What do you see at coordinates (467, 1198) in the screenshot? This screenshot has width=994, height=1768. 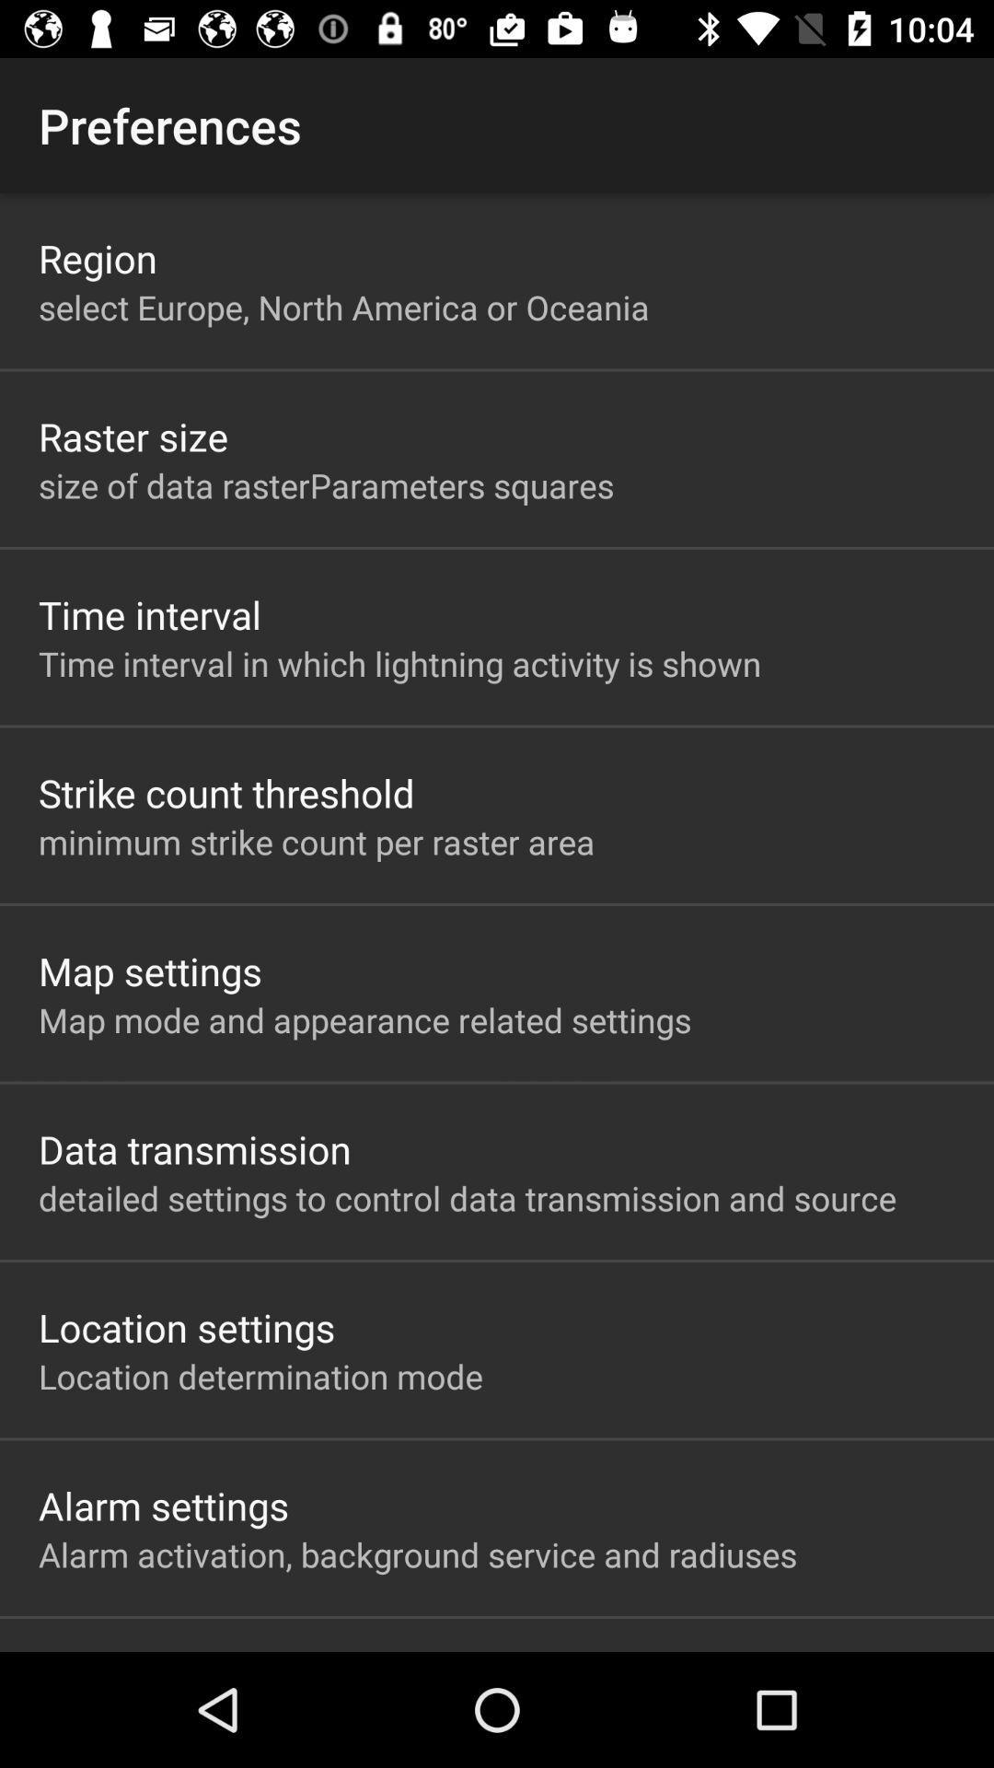 I see `app above the location settings item` at bounding box center [467, 1198].